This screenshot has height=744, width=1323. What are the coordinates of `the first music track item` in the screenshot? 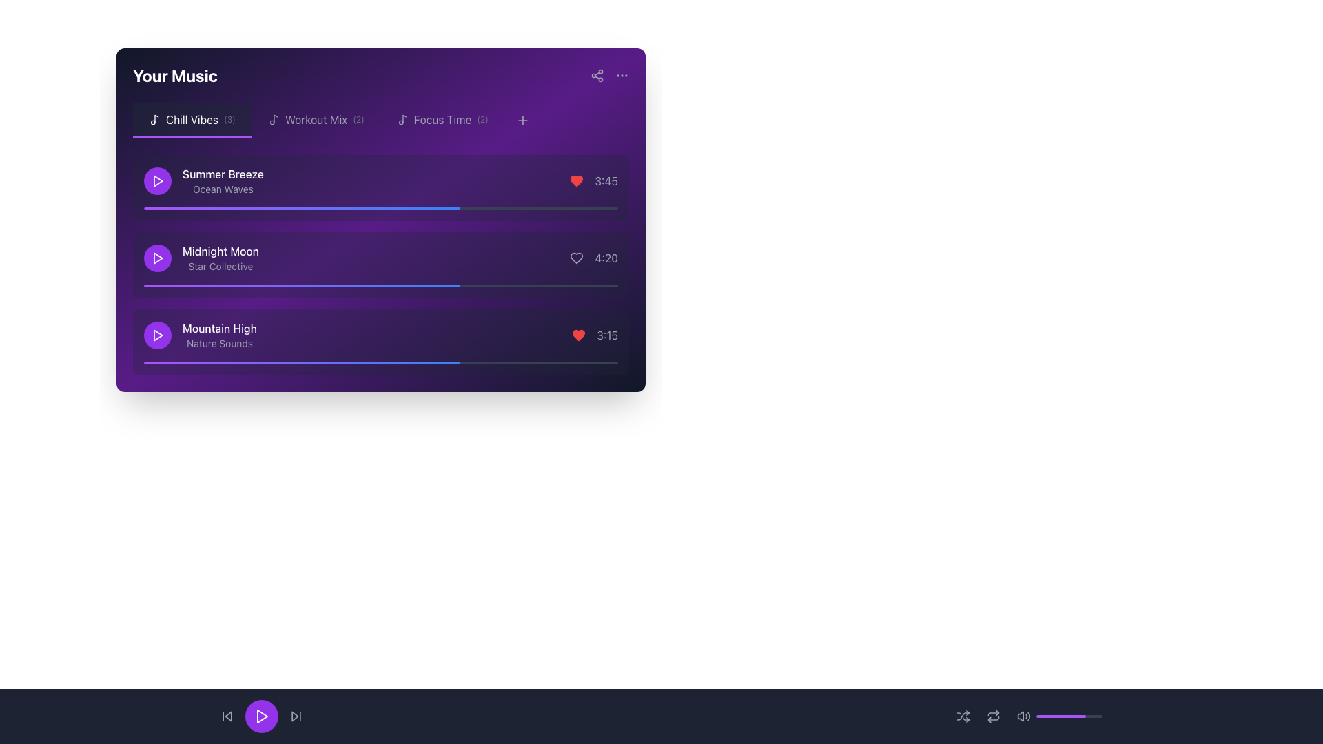 It's located at (380, 180).